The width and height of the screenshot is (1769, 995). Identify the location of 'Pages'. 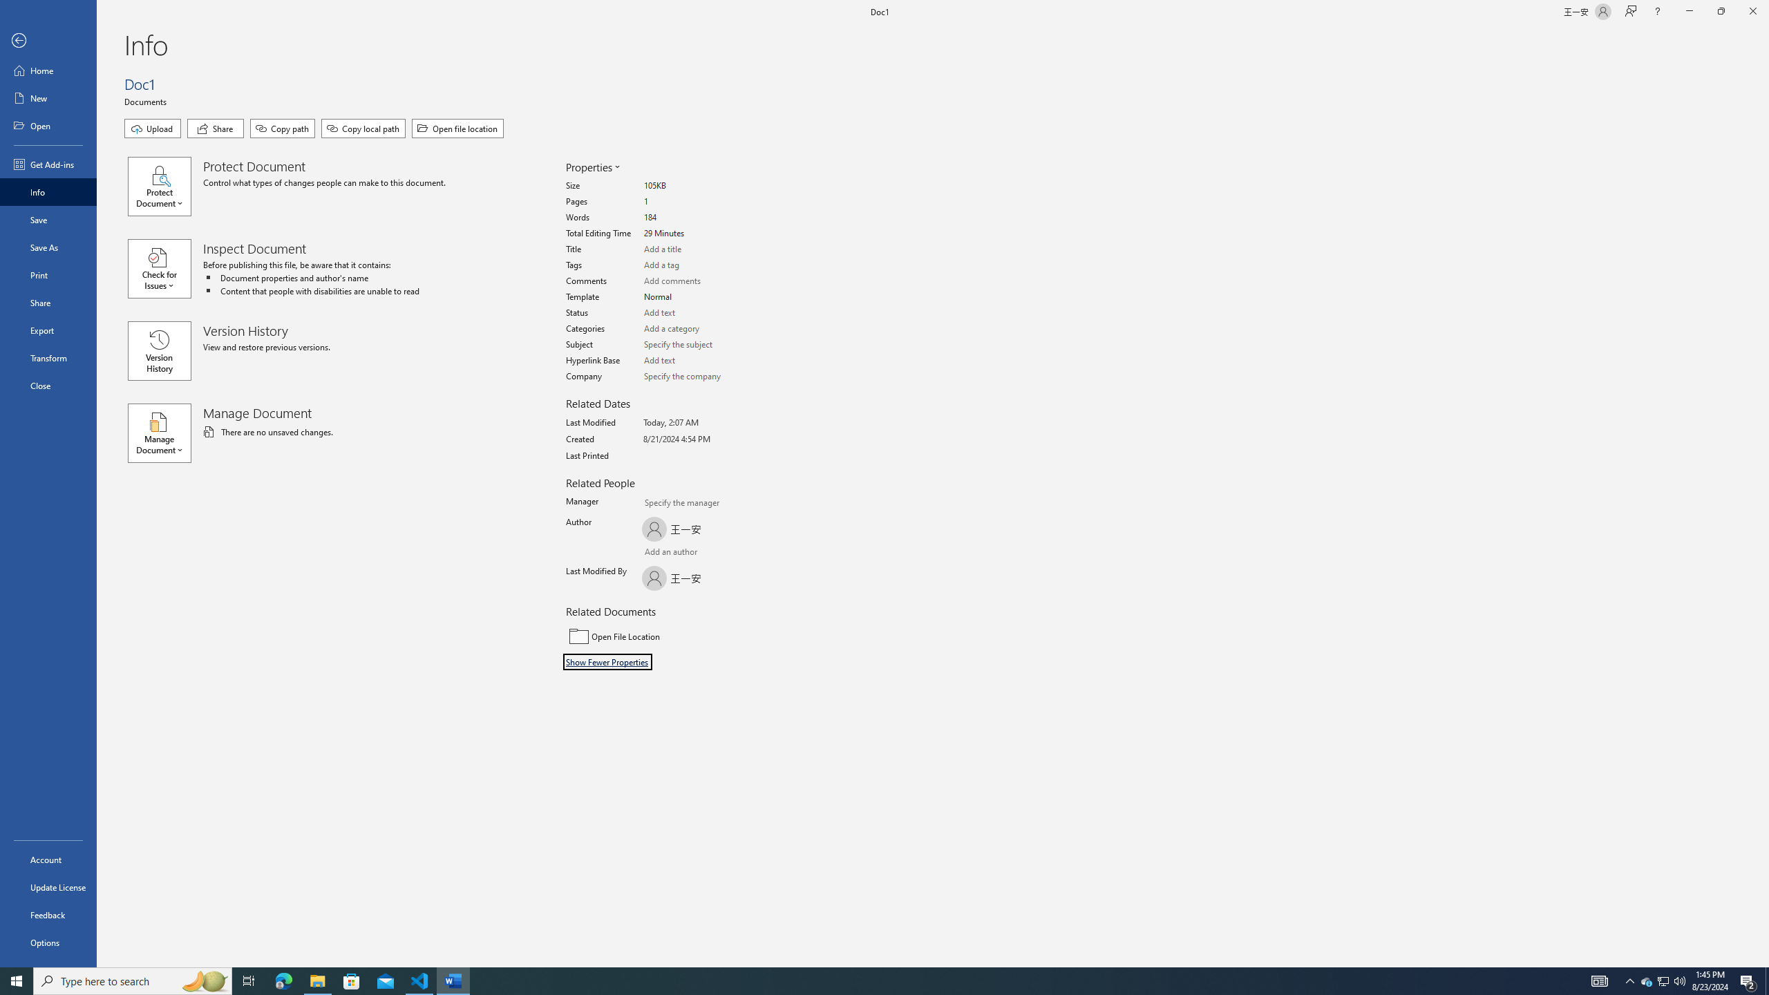
(695, 202).